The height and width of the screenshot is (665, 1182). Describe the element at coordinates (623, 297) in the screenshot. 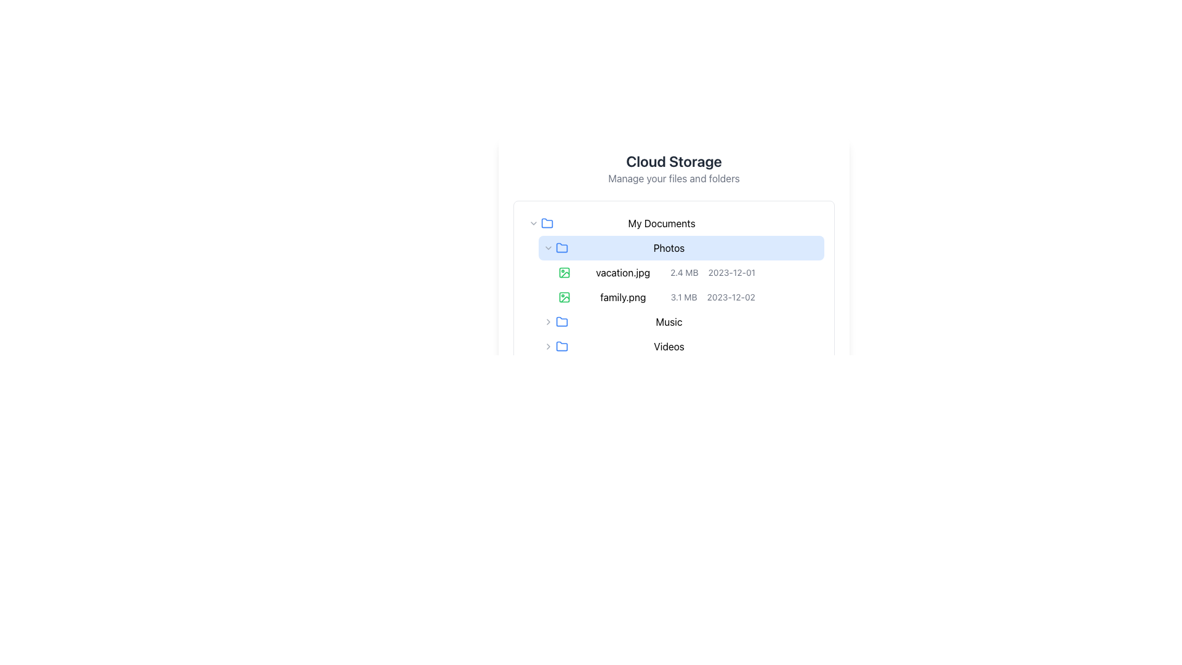

I see `the text label representing the file named 'family.png', which is the second file listed under the 'Photos' folder` at that location.